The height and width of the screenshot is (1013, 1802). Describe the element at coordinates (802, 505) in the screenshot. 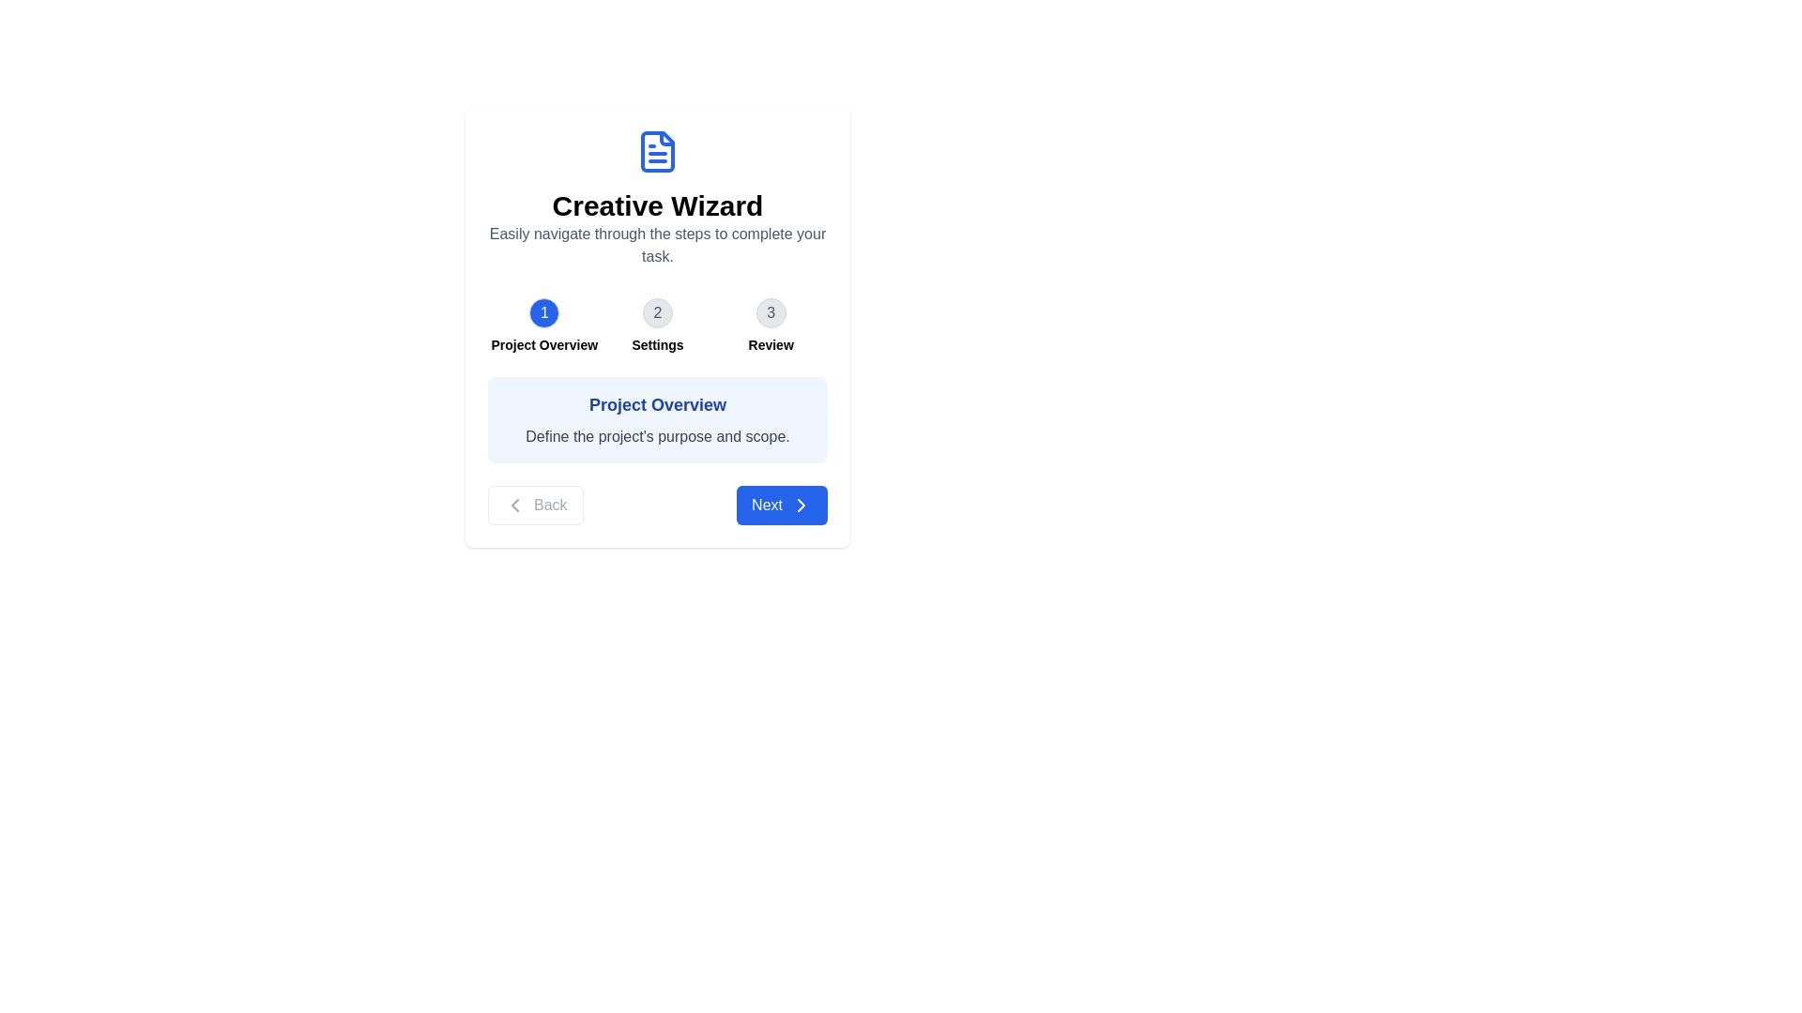

I see `the visual indicator icon located within the right-hand side of the blue rectangular 'Next' button` at that location.